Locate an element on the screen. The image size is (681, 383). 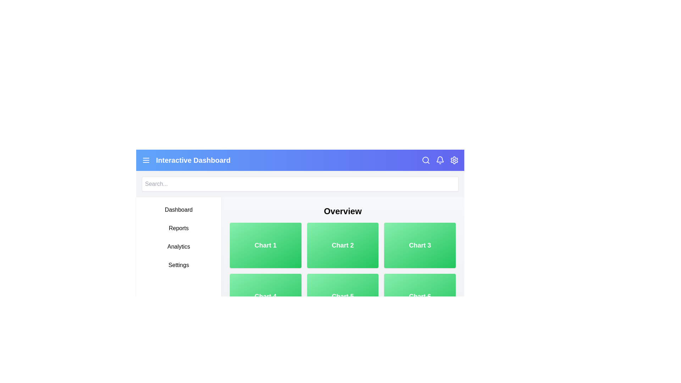
the Reports from the sidebar menu is located at coordinates (179, 228).